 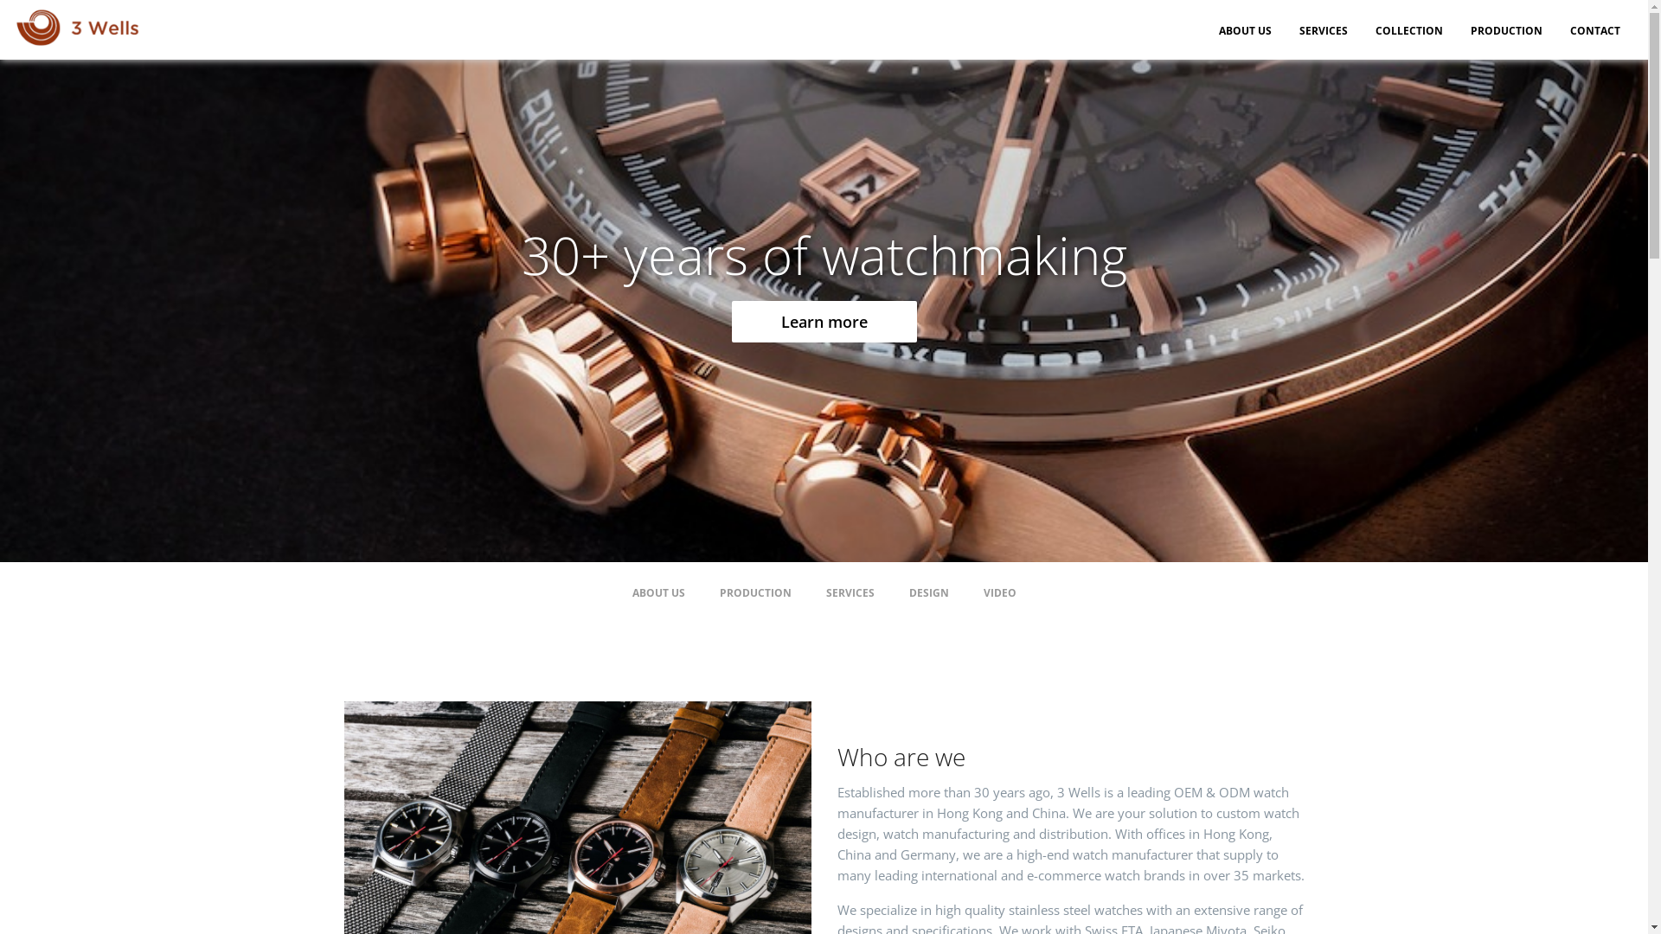 What do you see at coordinates (1594, 29) in the screenshot?
I see `'CONTACT'` at bounding box center [1594, 29].